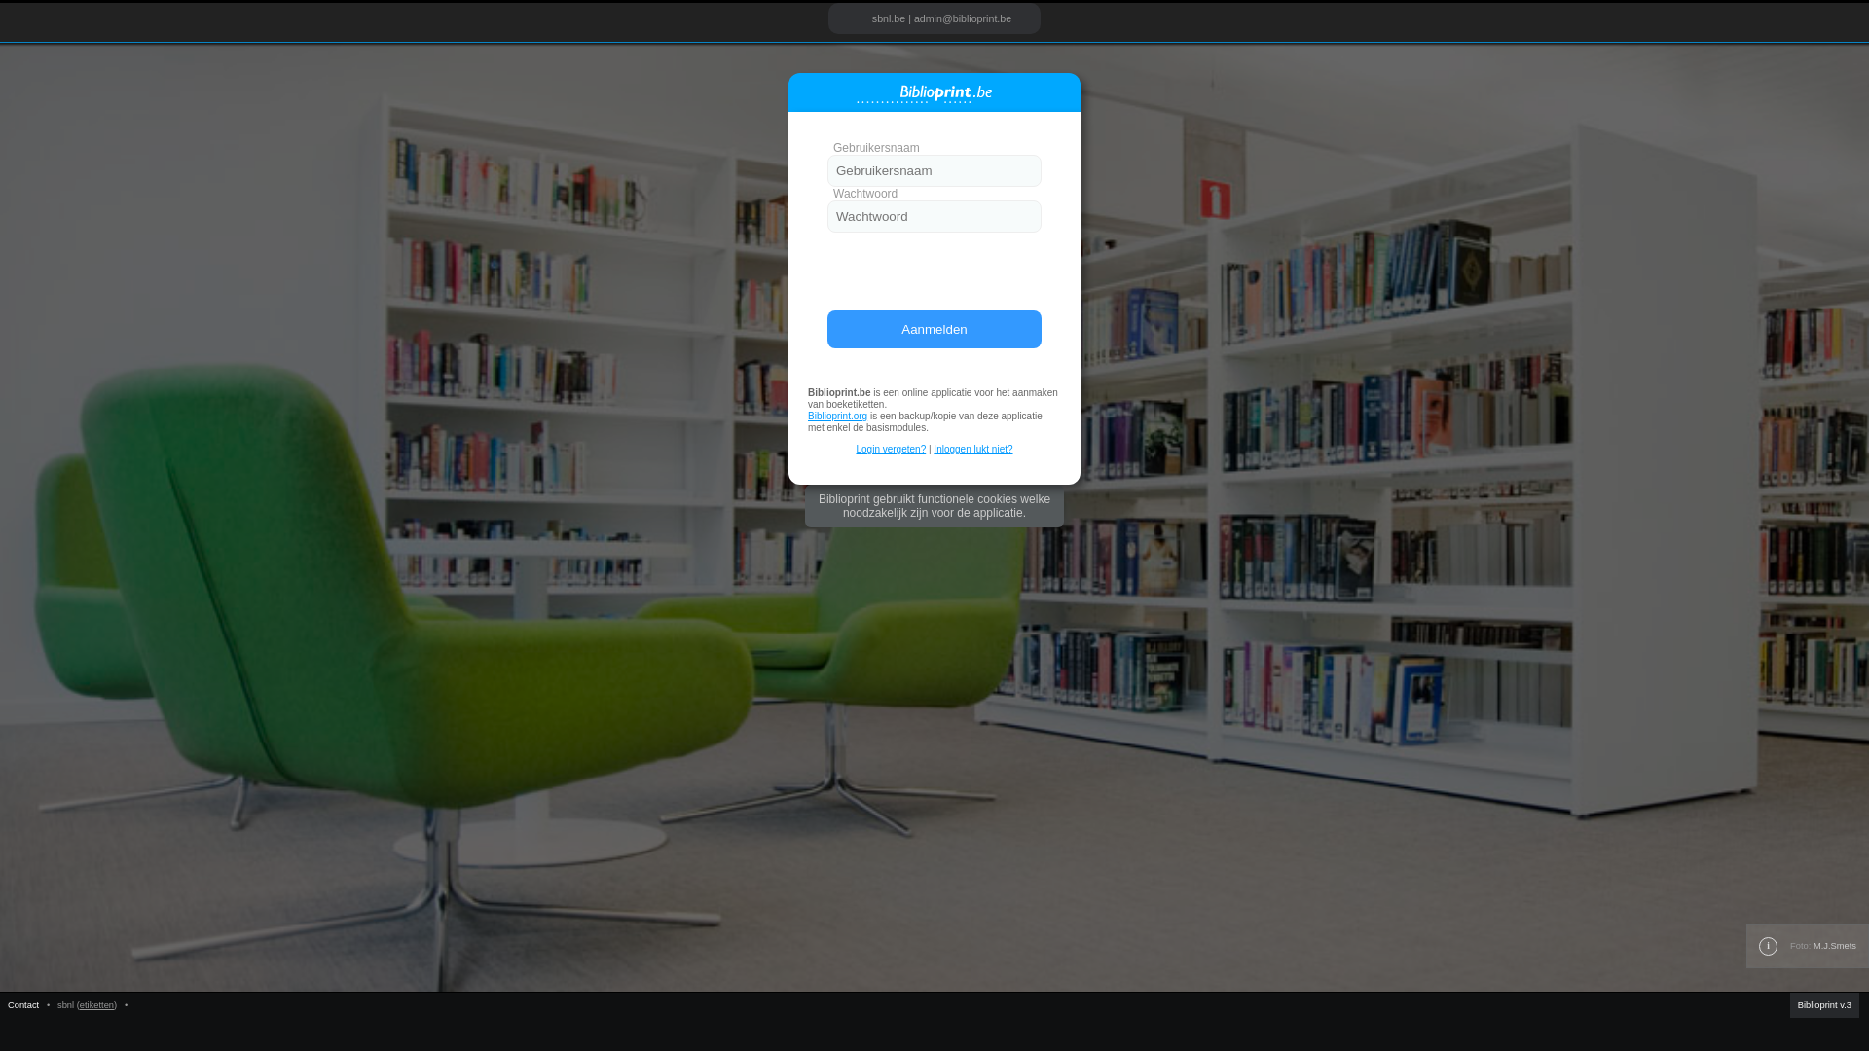 The width and height of the screenshot is (1869, 1051). I want to click on 'M.J.Smets', so click(1834, 945).